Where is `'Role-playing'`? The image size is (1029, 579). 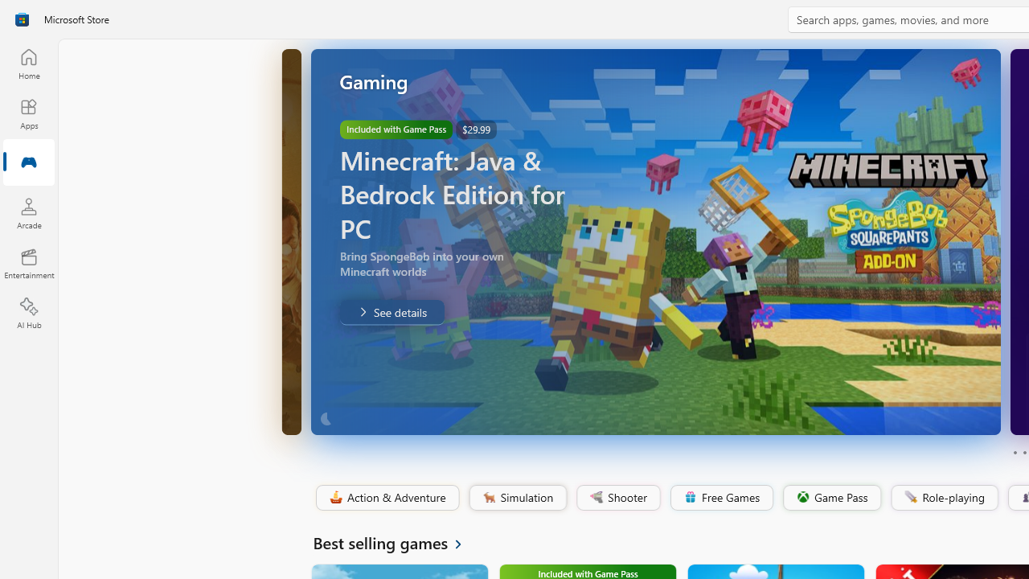
'Role-playing' is located at coordinates (945, 497).